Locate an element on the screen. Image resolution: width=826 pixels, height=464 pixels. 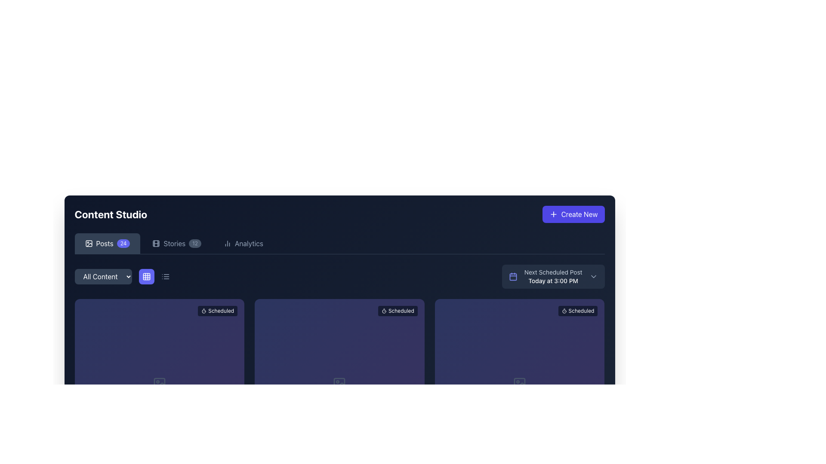
the 'Scheduled' status label located in the top-right corner of the card to associate its status with the corresponding card is located at coordinates (578, 311).